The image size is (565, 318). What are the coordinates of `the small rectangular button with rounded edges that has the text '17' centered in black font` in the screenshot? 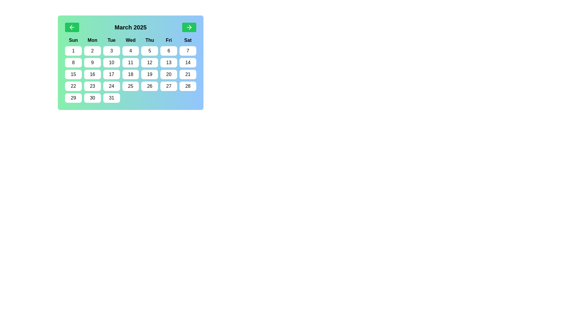 It's located at (112, 74).